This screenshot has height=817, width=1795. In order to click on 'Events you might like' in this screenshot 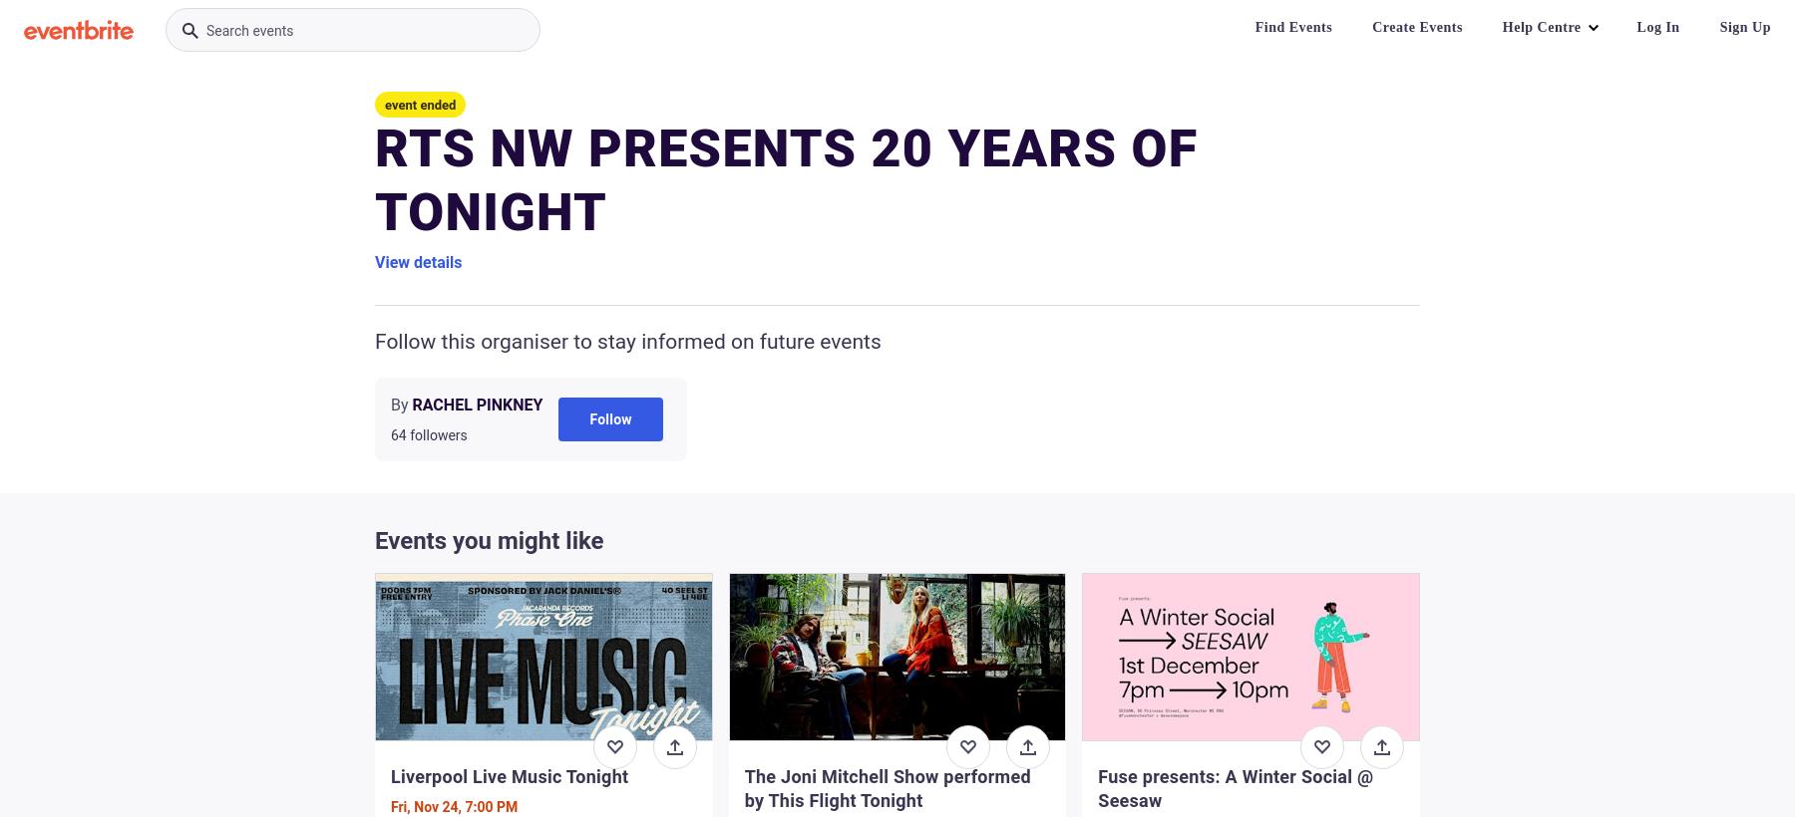, I will do `click(488, 540)`.